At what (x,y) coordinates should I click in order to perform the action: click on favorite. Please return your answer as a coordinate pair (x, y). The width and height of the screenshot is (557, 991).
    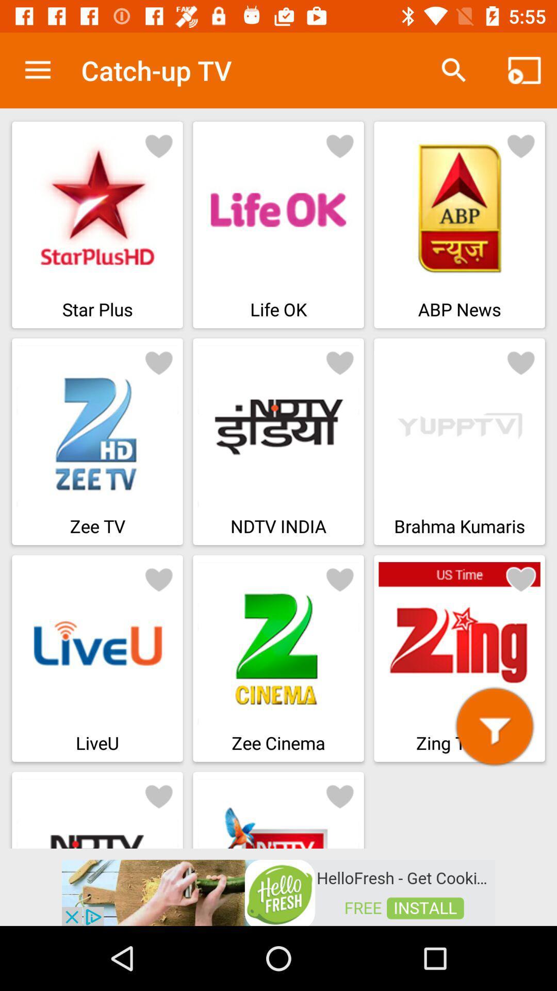
    Looking at the image, I should click on (521, 579).